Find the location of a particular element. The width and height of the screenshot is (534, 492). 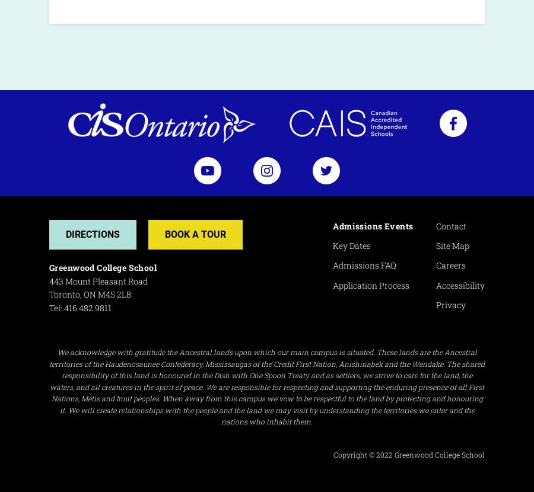

'Careers' is located at coordinates (436, 265).